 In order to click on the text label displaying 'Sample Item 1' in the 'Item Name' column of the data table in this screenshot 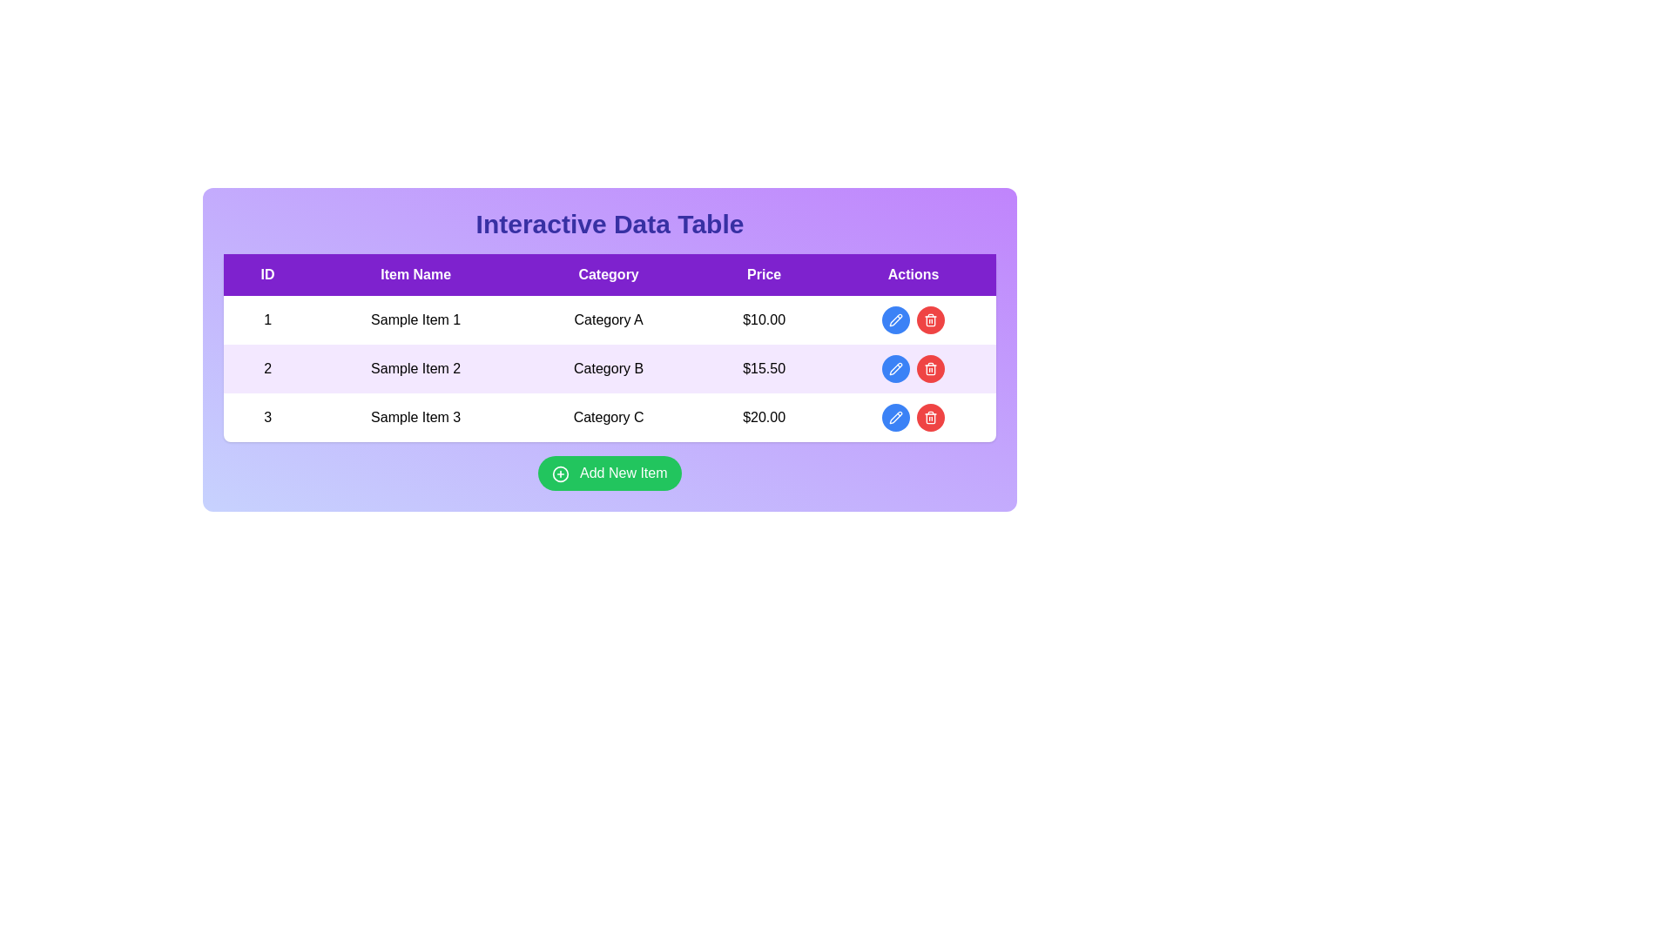, I will do `click(415, 319)`.